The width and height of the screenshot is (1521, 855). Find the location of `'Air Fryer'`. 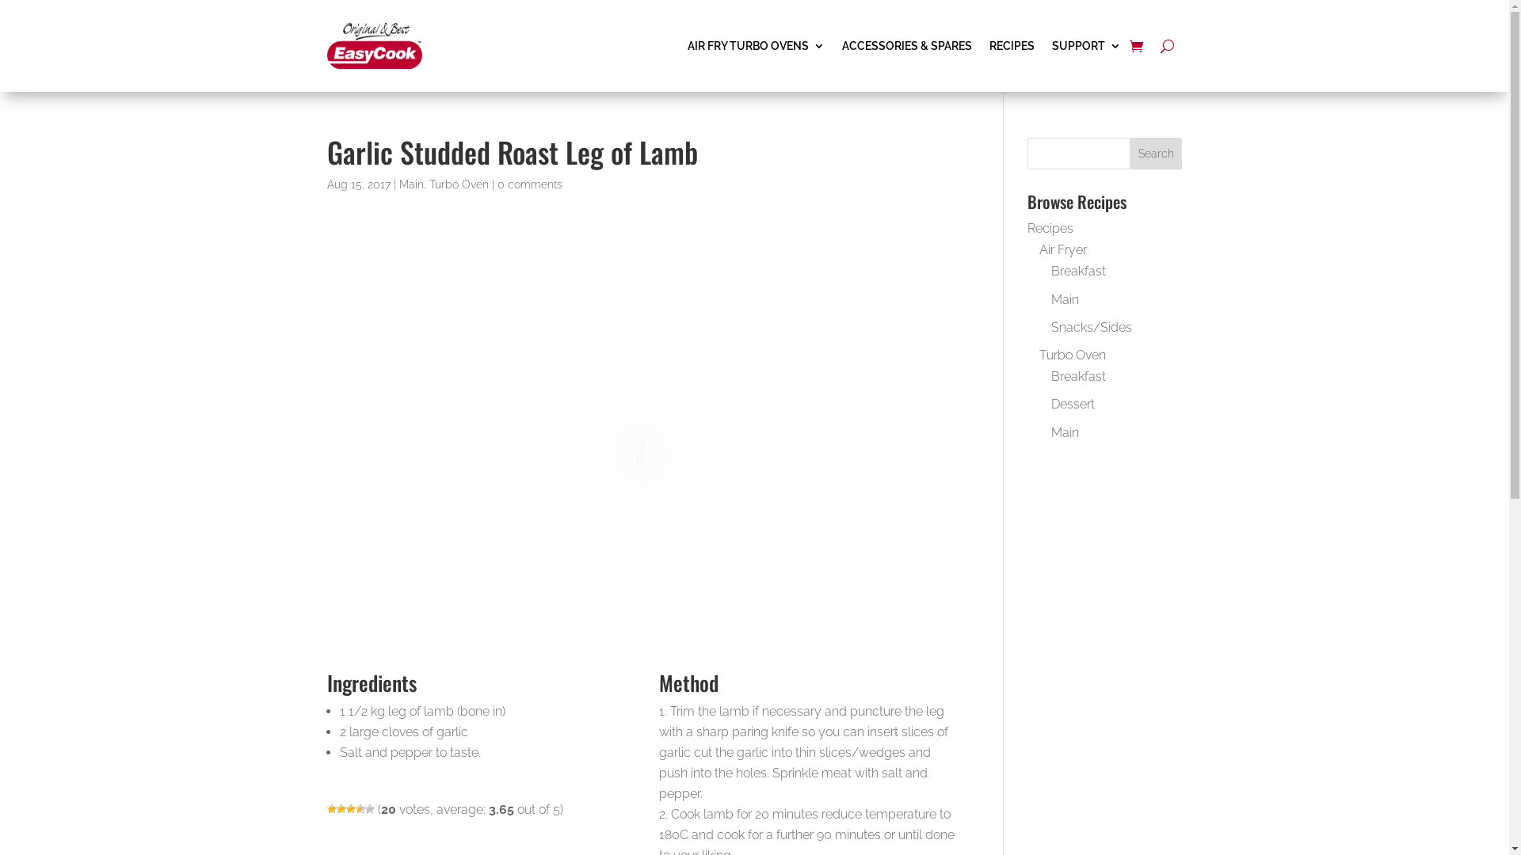

'Air Fryer' is located at coordinates (1063, 249).